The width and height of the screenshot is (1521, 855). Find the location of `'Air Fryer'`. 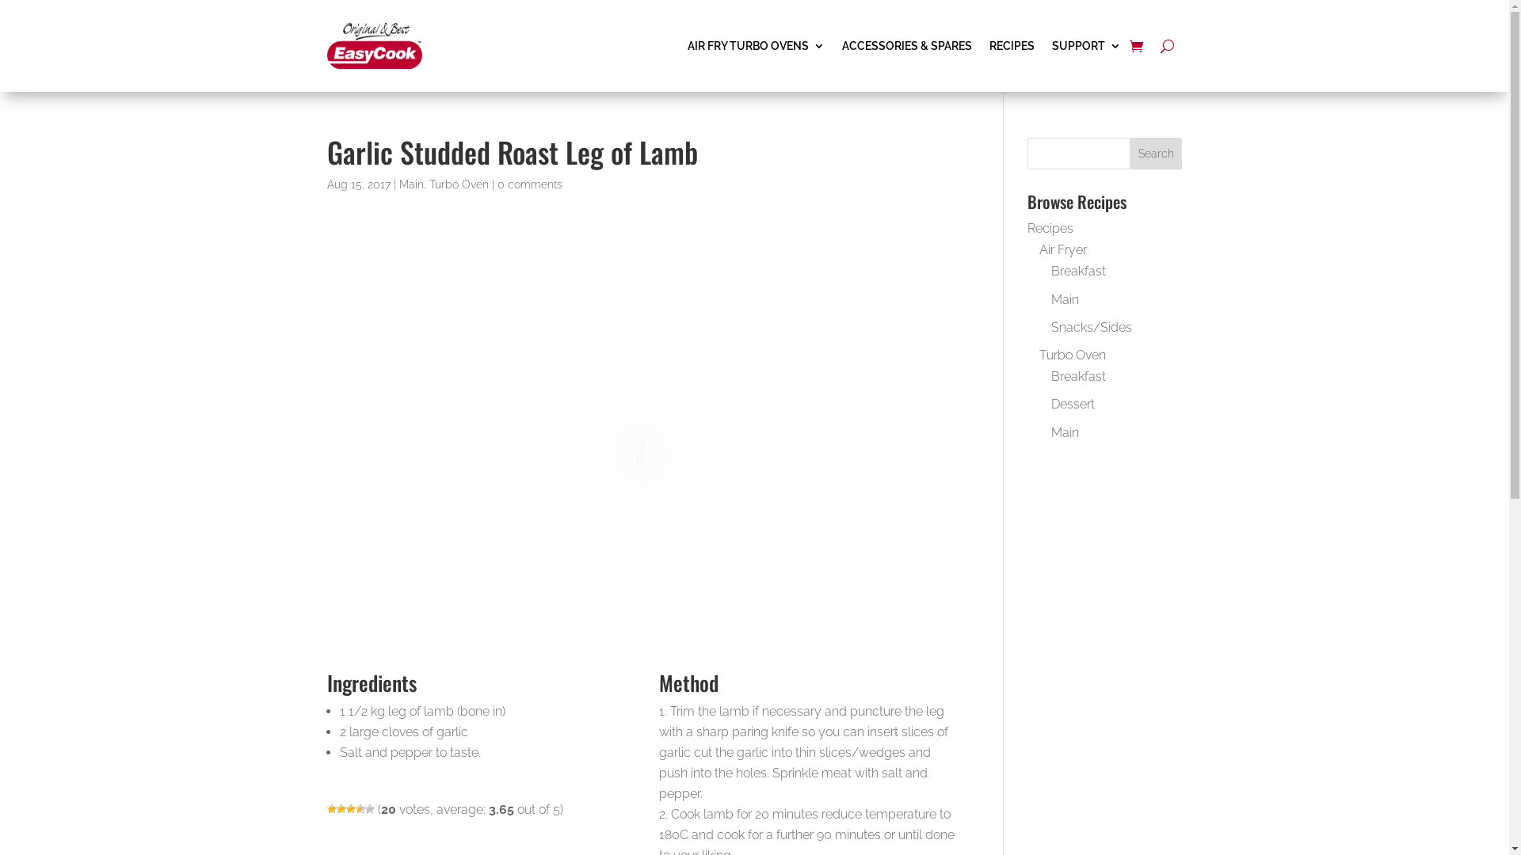

'Air Fryer' is located at coordinates (1063, 249).